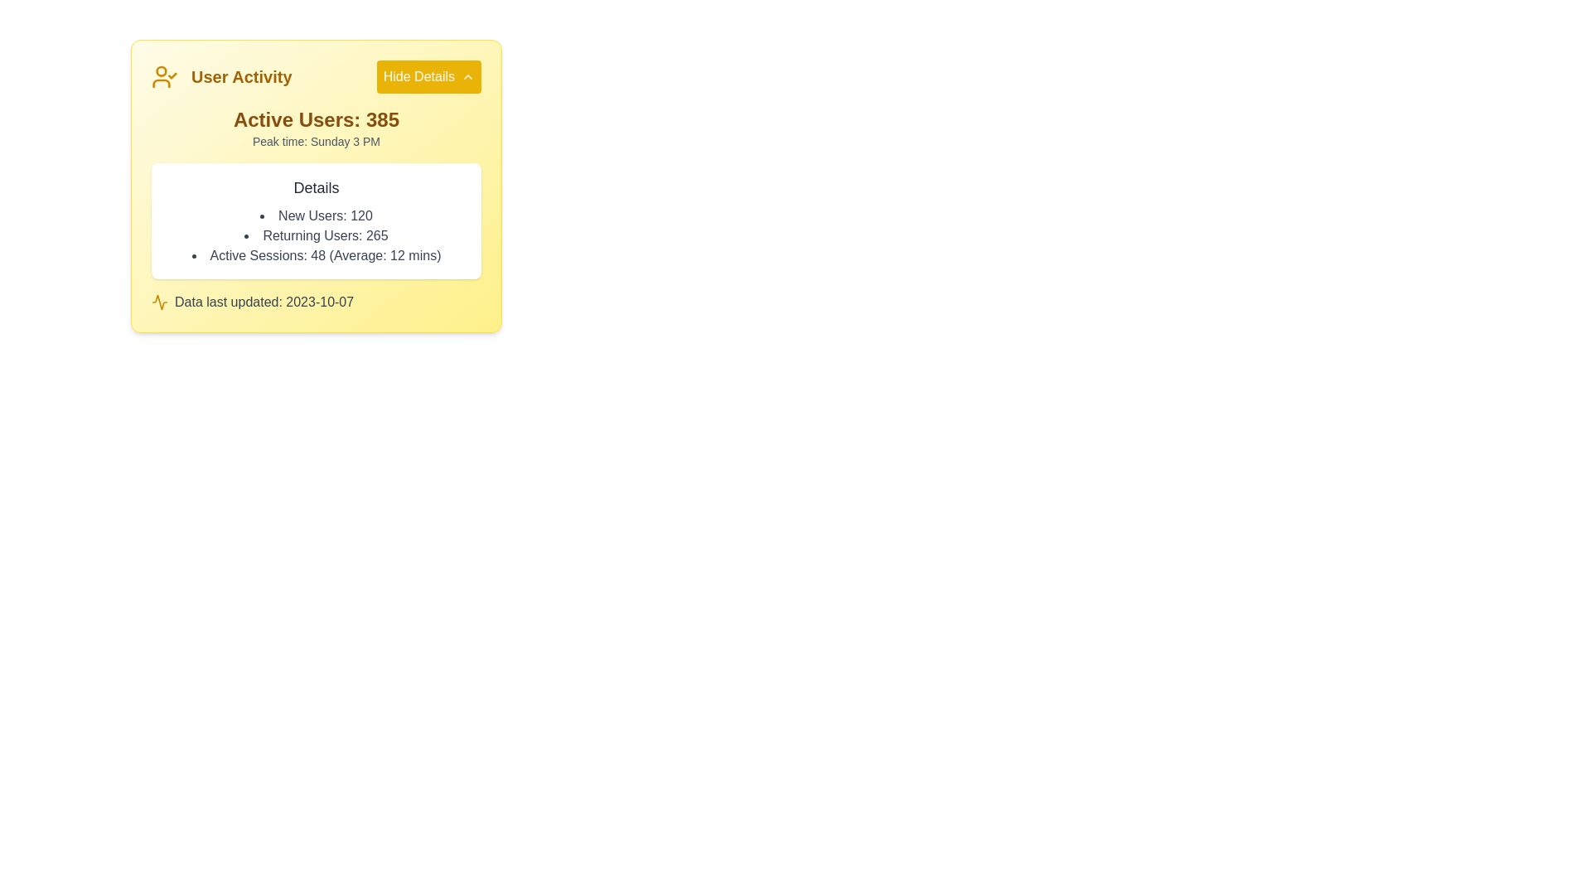 This screenshot has height=895, width=1591. Describe the element at coordinates (467, 76) in the screenshot. I see `the upward chevron arrow icon within the 'Hide Details' button` at that location.